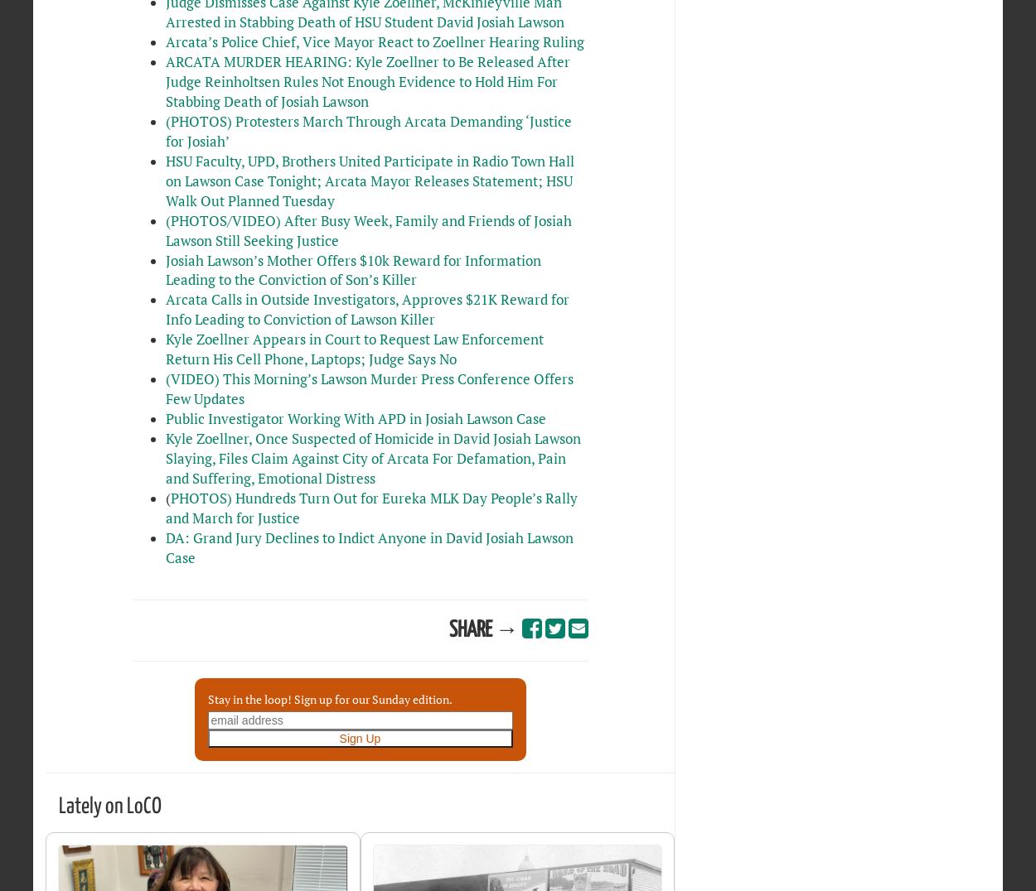  Describe the element at coordinates (368, 388) in the screenshot. I see `'(VIDEO) This Morning’s Lawson Murder Press Conference Offers Few Updates'` at that location.